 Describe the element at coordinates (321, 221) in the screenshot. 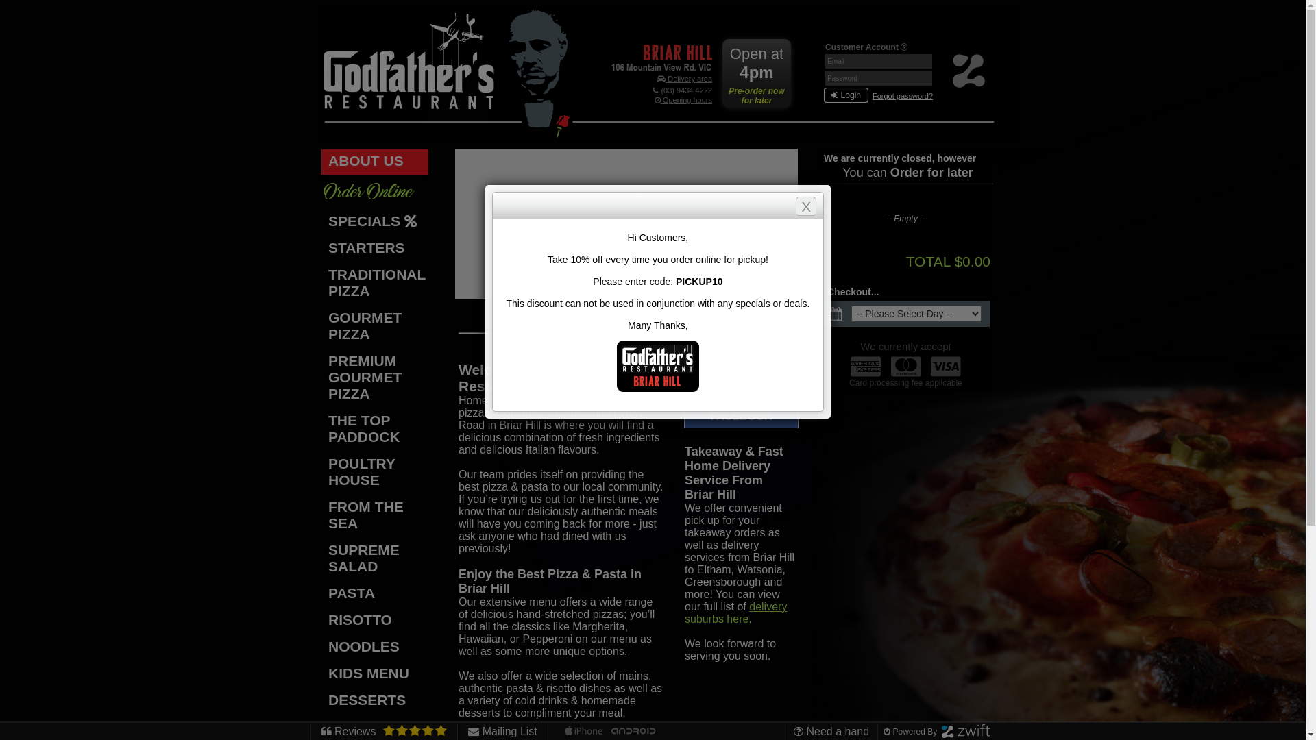

I see `'SPECIALS'` at that location.